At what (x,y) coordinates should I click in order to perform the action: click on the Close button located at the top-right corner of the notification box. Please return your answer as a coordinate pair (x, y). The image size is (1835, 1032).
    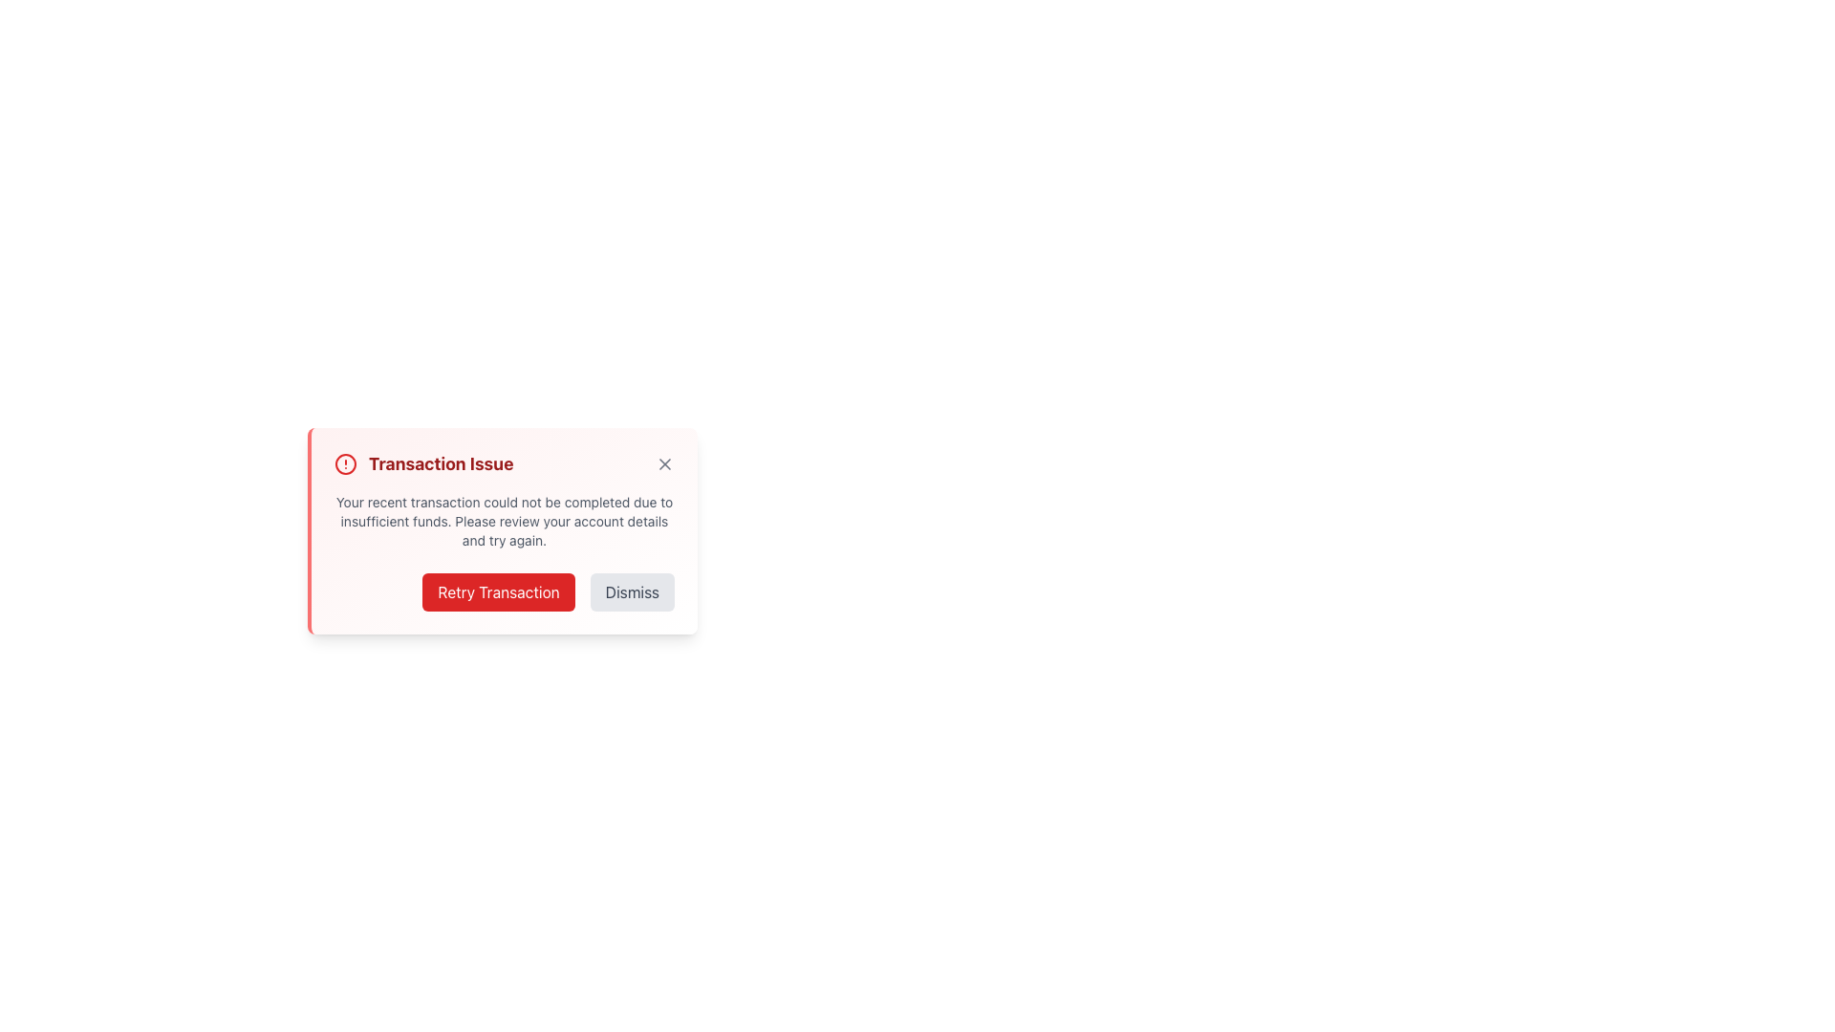
    Looking at the image, I should click on (665, 464).